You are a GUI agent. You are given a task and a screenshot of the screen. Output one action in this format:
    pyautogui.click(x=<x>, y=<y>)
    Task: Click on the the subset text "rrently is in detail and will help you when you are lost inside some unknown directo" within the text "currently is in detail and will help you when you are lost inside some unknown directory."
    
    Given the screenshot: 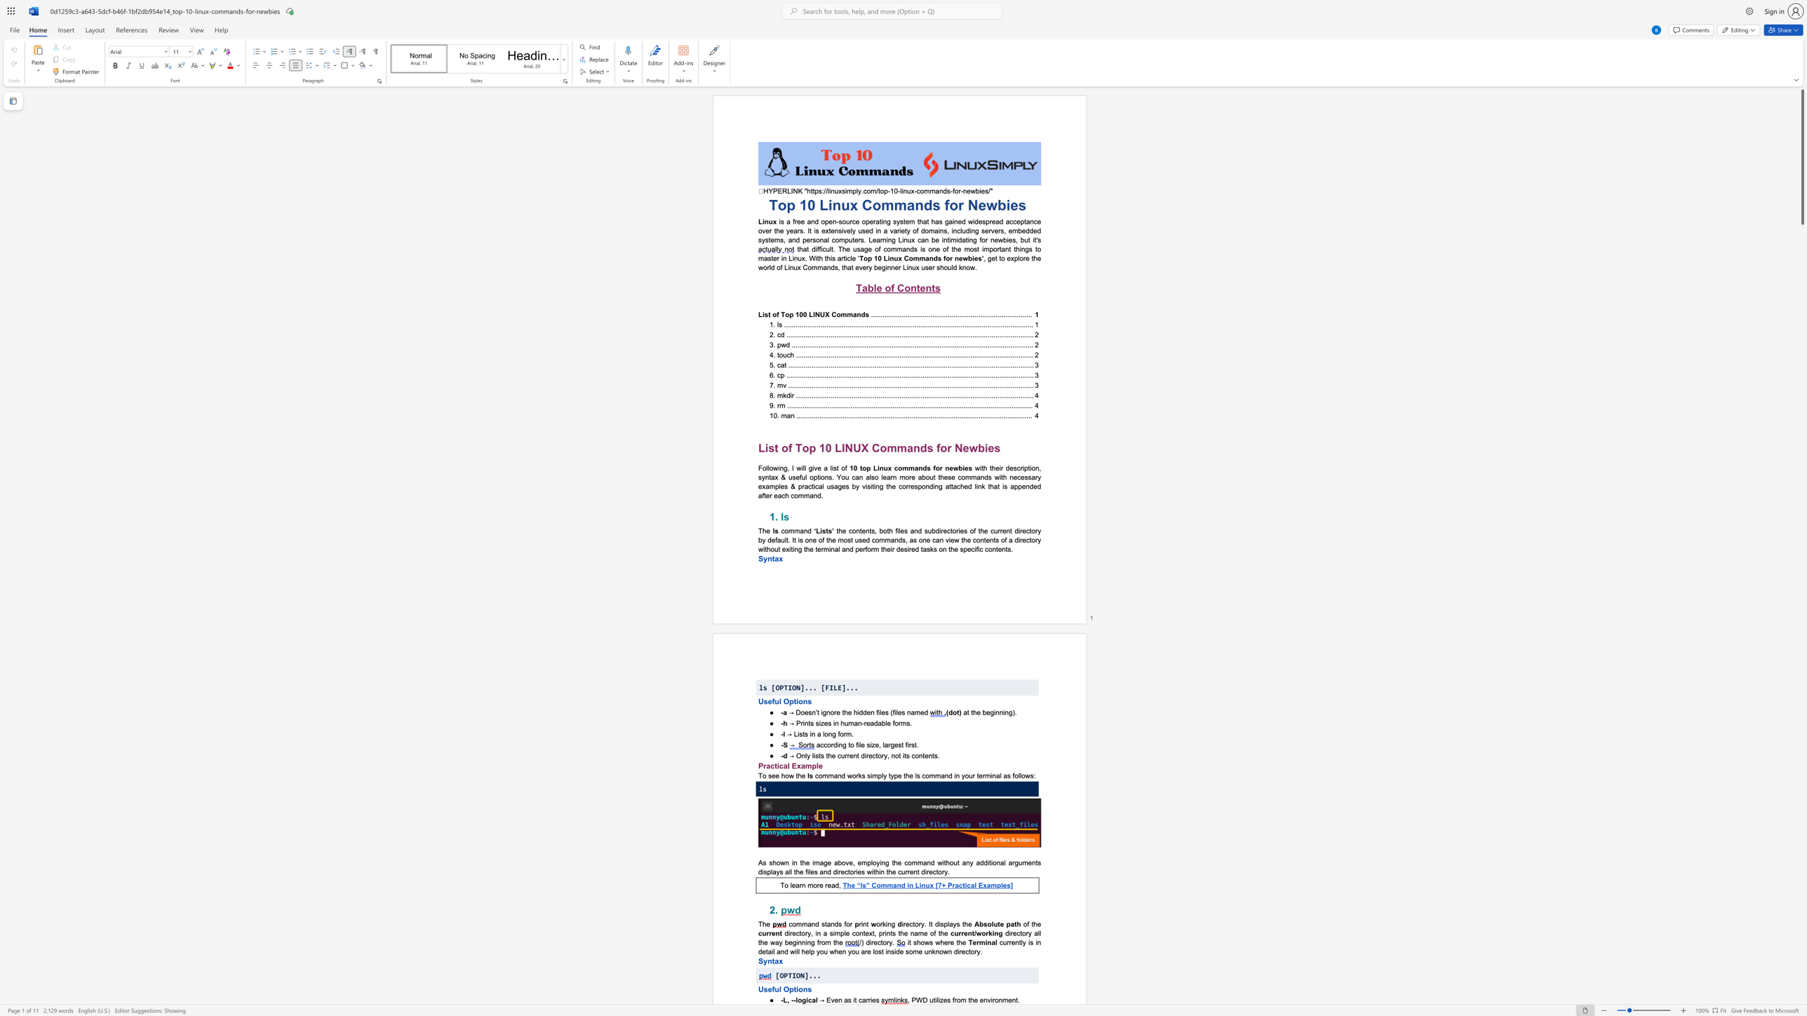 What is the action you would take?
    pyautogui.click(x=1007, y=942)
    